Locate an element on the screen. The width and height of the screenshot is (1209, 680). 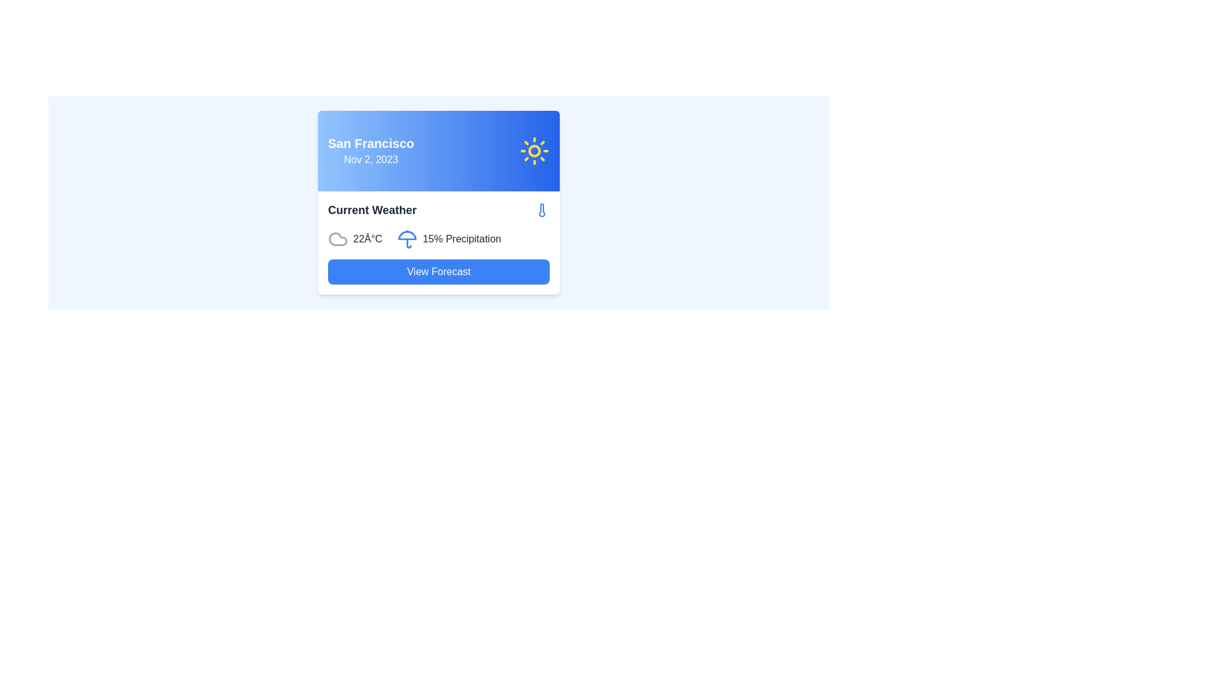
the Text label that describes the probability of precipitation, located under the 'Current Weather' title and to the right of the blue umbrella icon is located at coordinates (461, 239).